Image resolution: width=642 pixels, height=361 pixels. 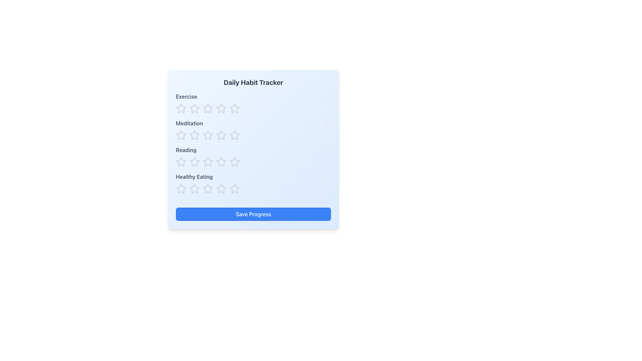 What do you see at coordinates (181, 162) in the screenshot?
I see `the first hollow star icon in the rating system under the 'Reading' label in the 'Daily Habit Tracker' interface to set a score` at bounding box center [181, 162].